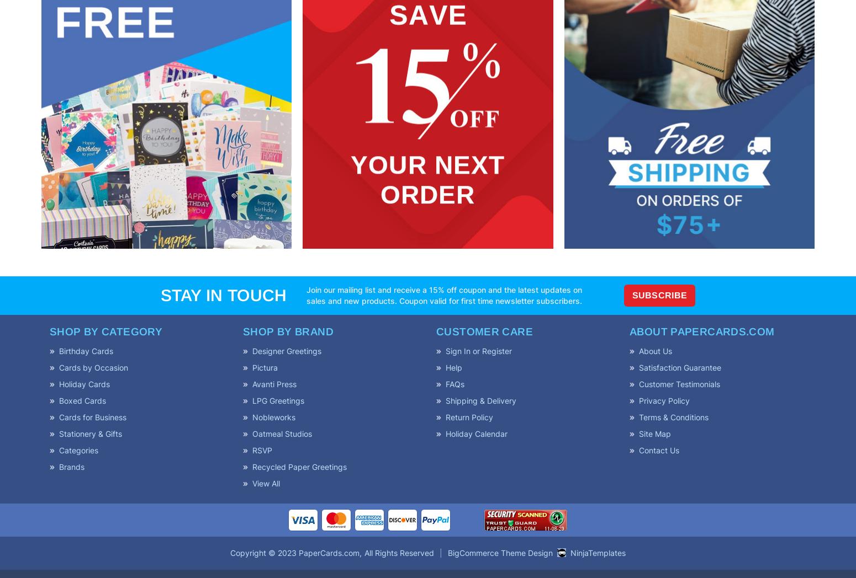  I want to click on 'Birthday Cards', so click(86, 350).